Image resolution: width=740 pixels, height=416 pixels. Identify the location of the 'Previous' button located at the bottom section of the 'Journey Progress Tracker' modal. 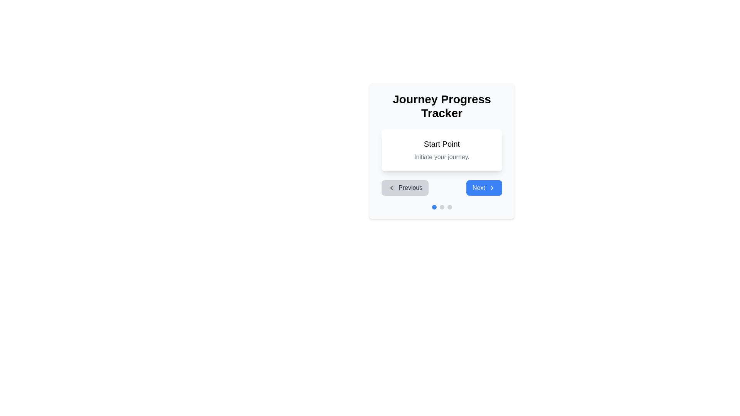
(405, 188).